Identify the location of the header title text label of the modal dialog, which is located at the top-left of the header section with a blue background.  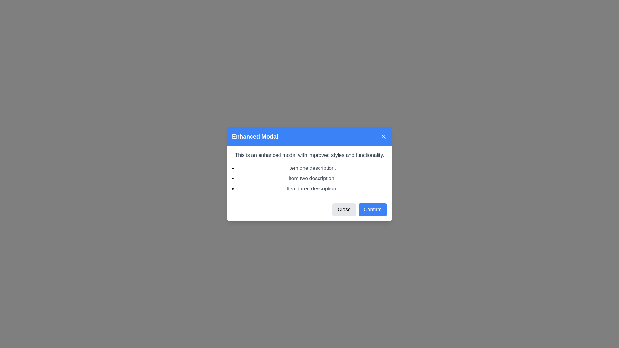
(255, 136).